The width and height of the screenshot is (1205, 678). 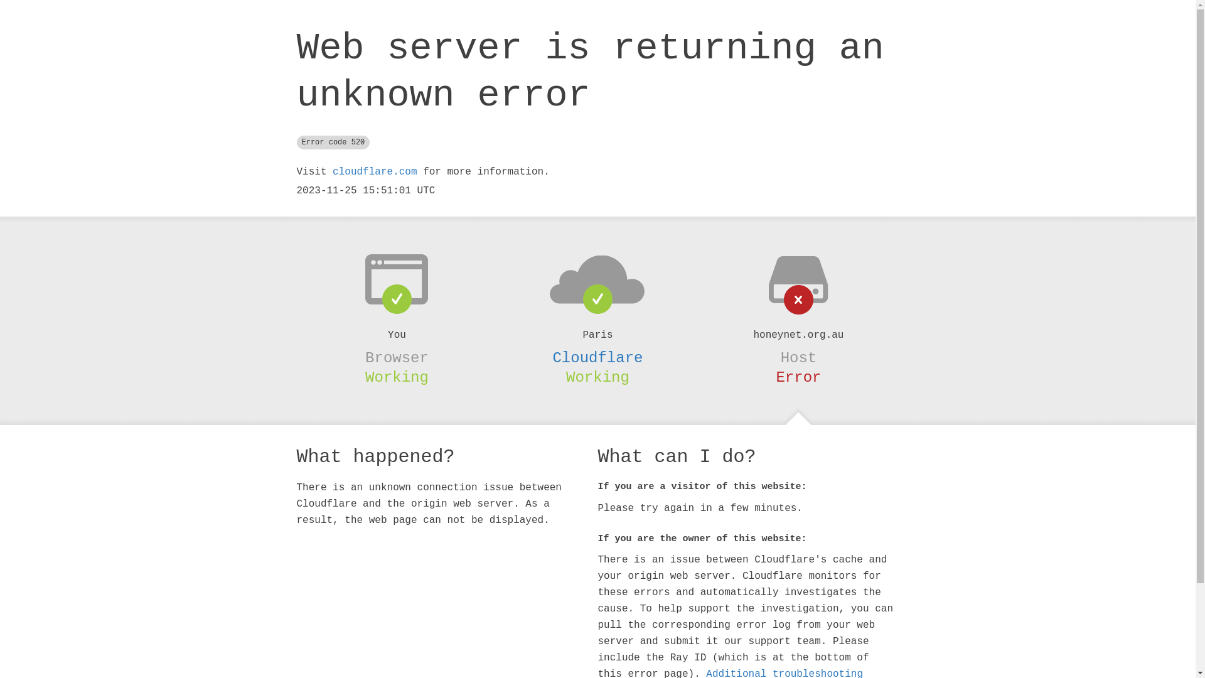 I want to click on 'cloudflare.com', so click(x=373, y=171).